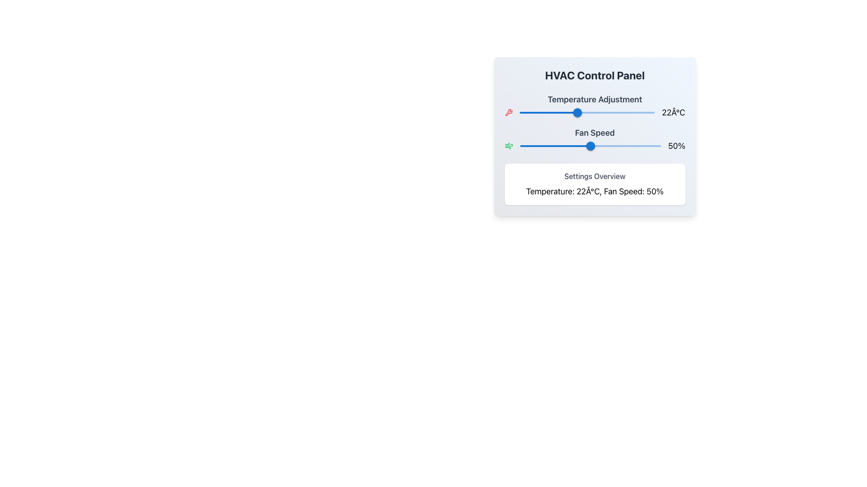 Image resolution: width=867 pixels, height=487 pixels. Describe the element at coordinates (592, 146) in the screenshot. I see `the fan speed` at that location.